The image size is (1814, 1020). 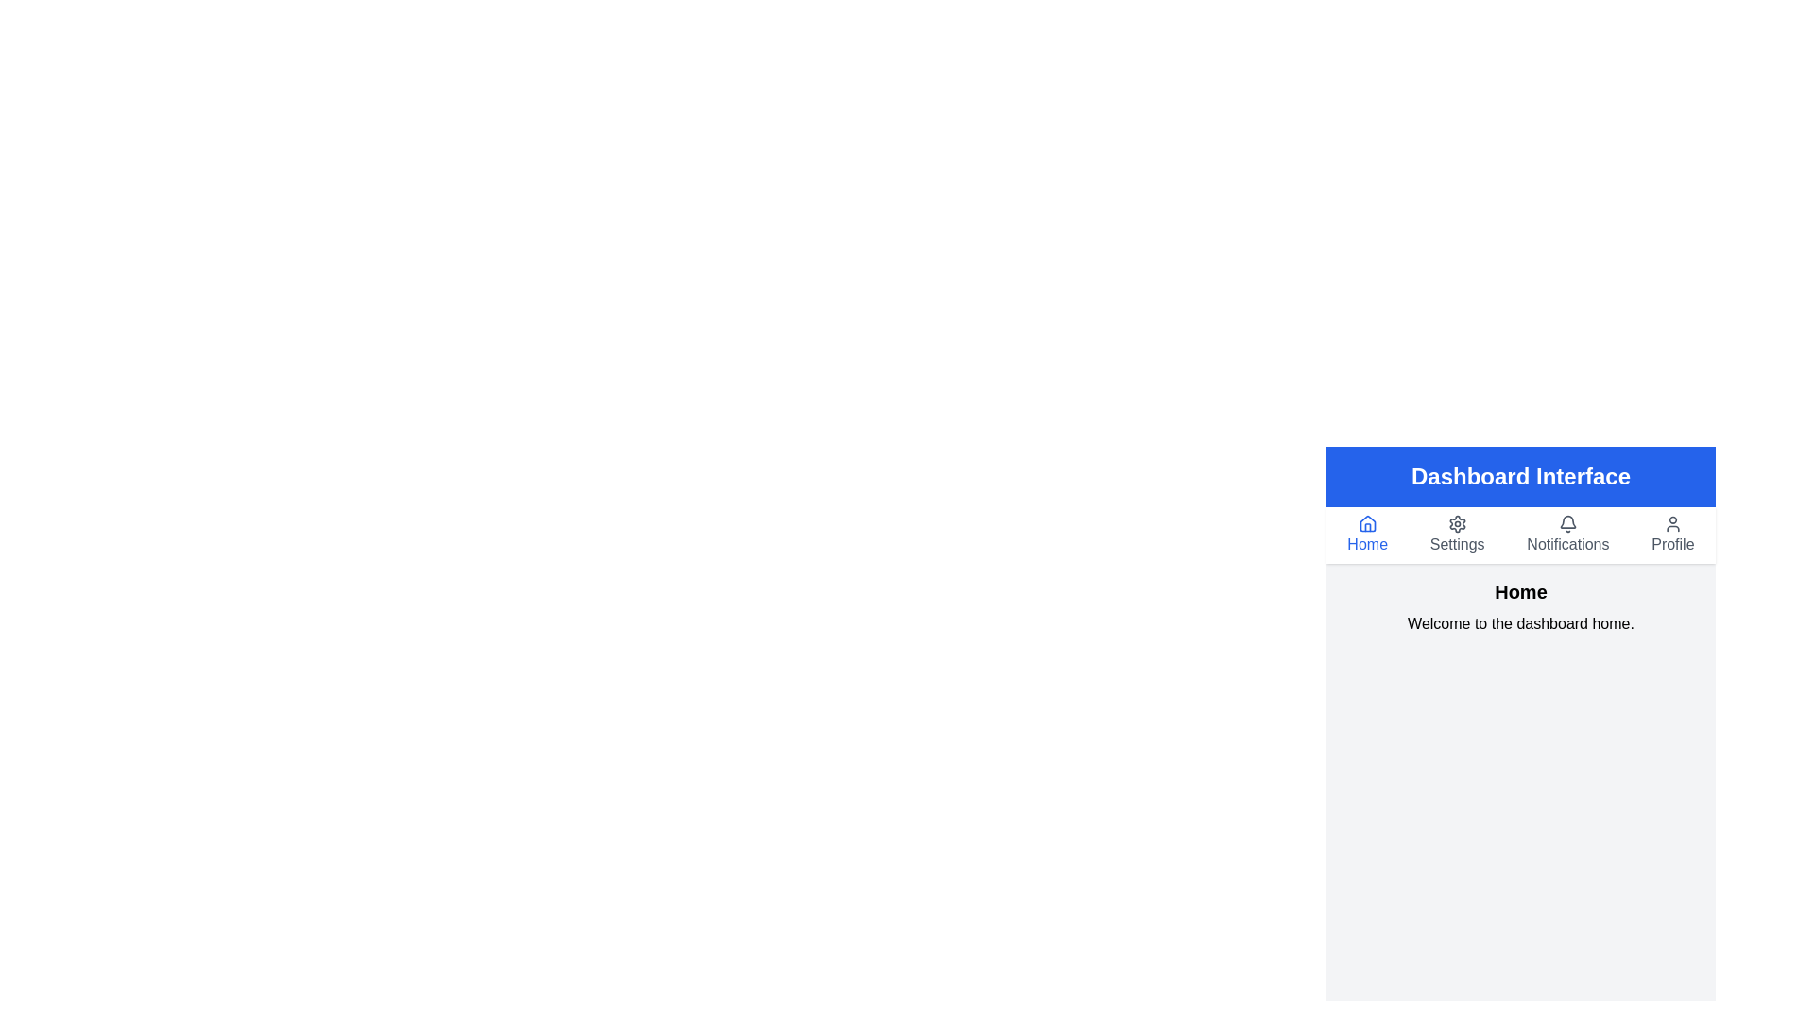 I want to click on the house icon located in the Home navigation button at the top left of the interface, so click(x=1367, y=524).